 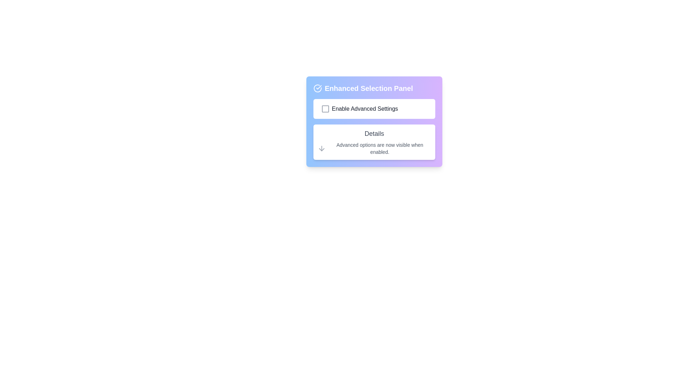 I want to click on details written in the 'Details' card which contains the heading 'Details' and the descriptive text 'Advanced options are now visible when enabled.', so click(x=374, y=142).